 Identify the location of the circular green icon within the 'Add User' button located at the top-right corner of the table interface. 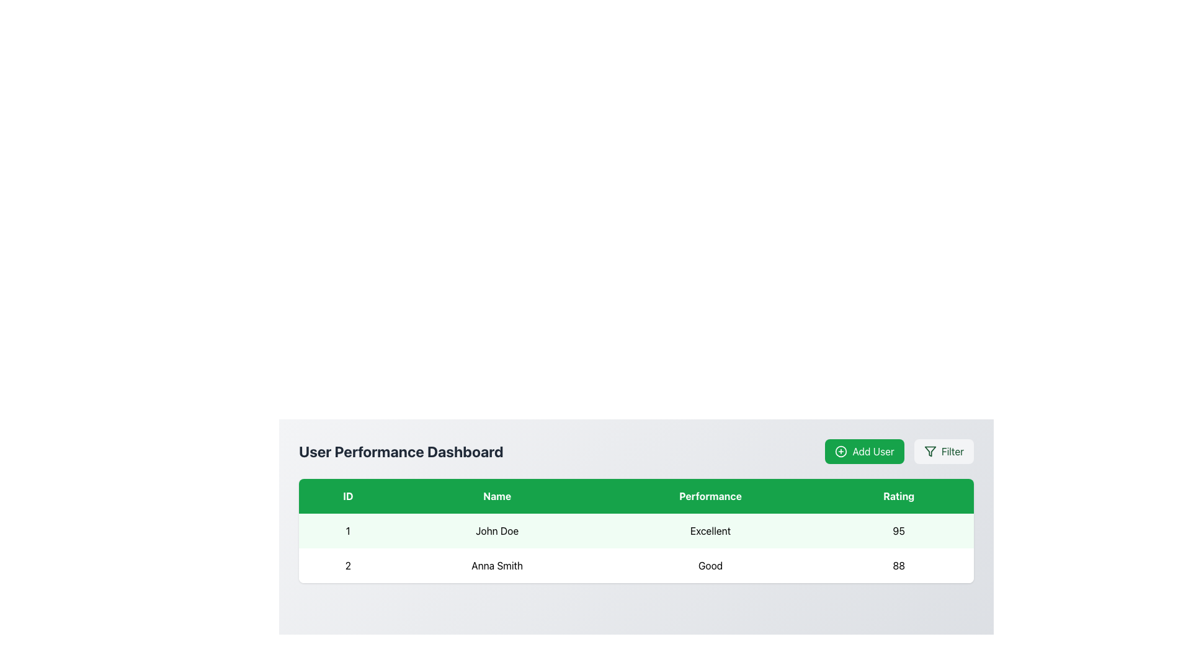
(841, 452).